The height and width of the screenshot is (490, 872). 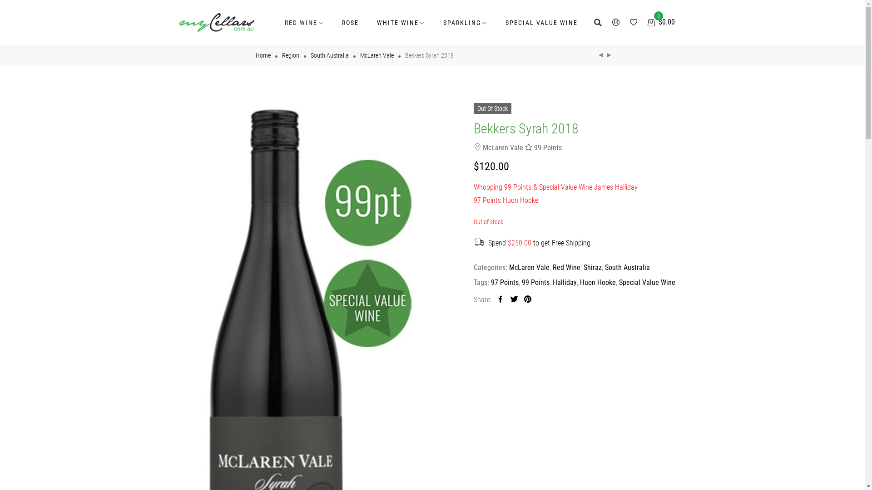 I want to click on 'Share to pinterest', so click(x=527, y=299).